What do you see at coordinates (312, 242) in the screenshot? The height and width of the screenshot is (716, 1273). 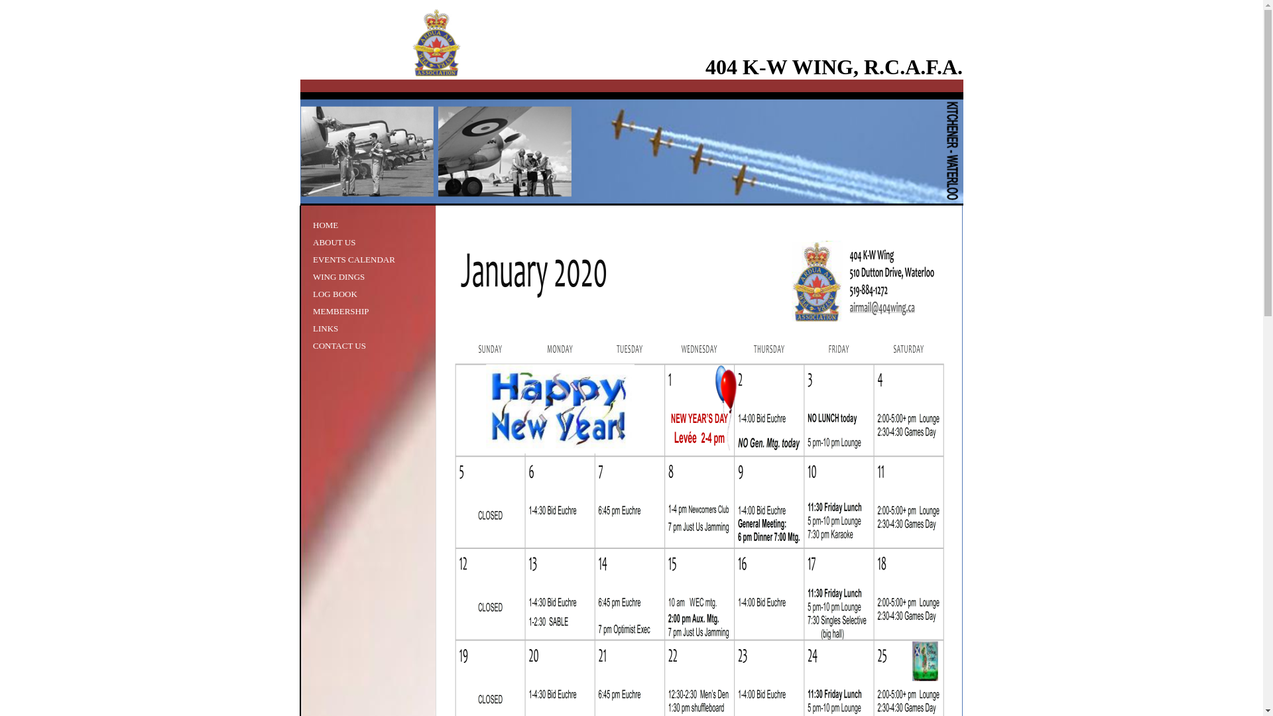 I see `'ABOUT US'` at bounding box center [312, 242].